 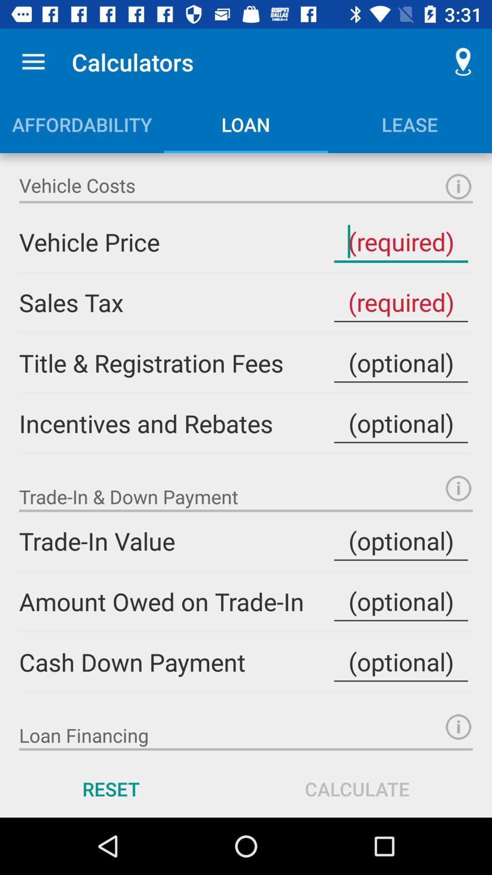 I want to click on more info, so click(x=458, y=186).